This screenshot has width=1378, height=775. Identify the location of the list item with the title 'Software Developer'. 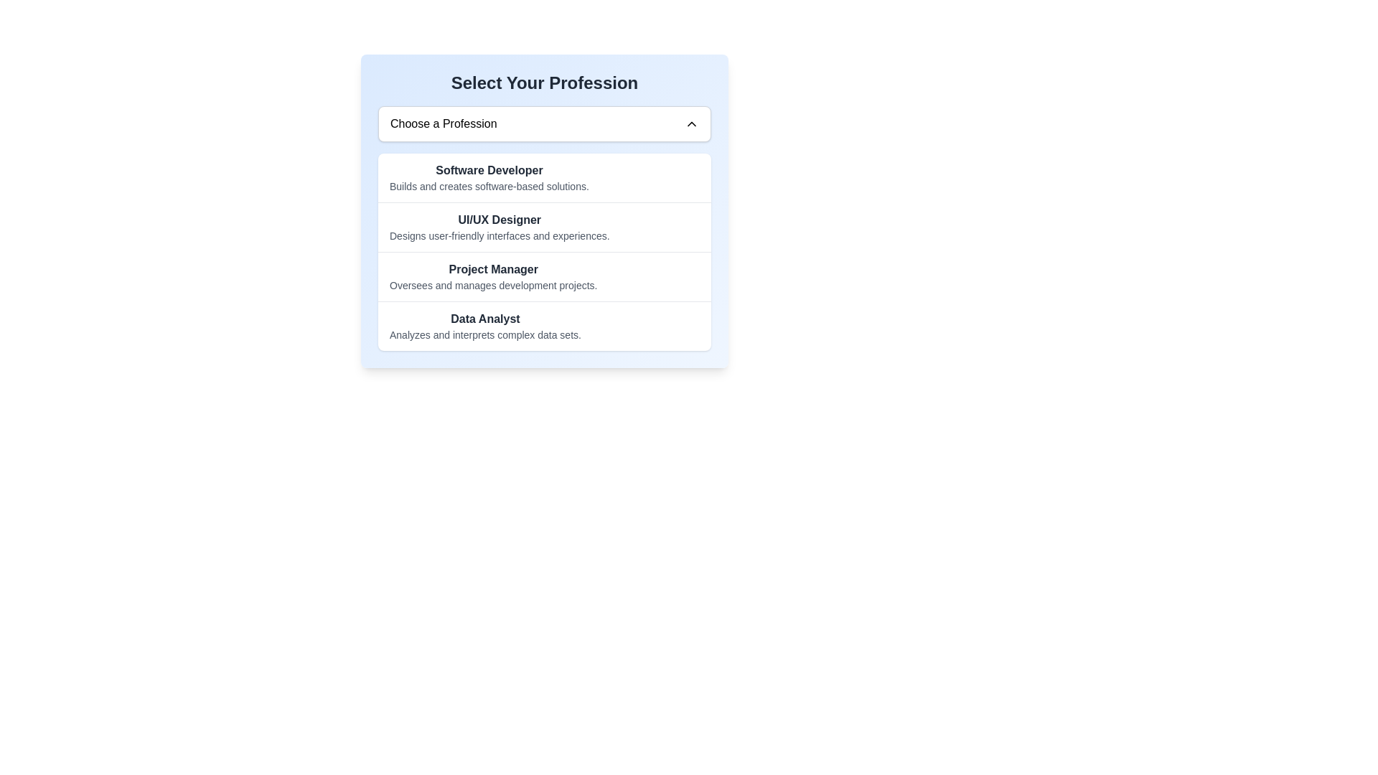
(489, 177).